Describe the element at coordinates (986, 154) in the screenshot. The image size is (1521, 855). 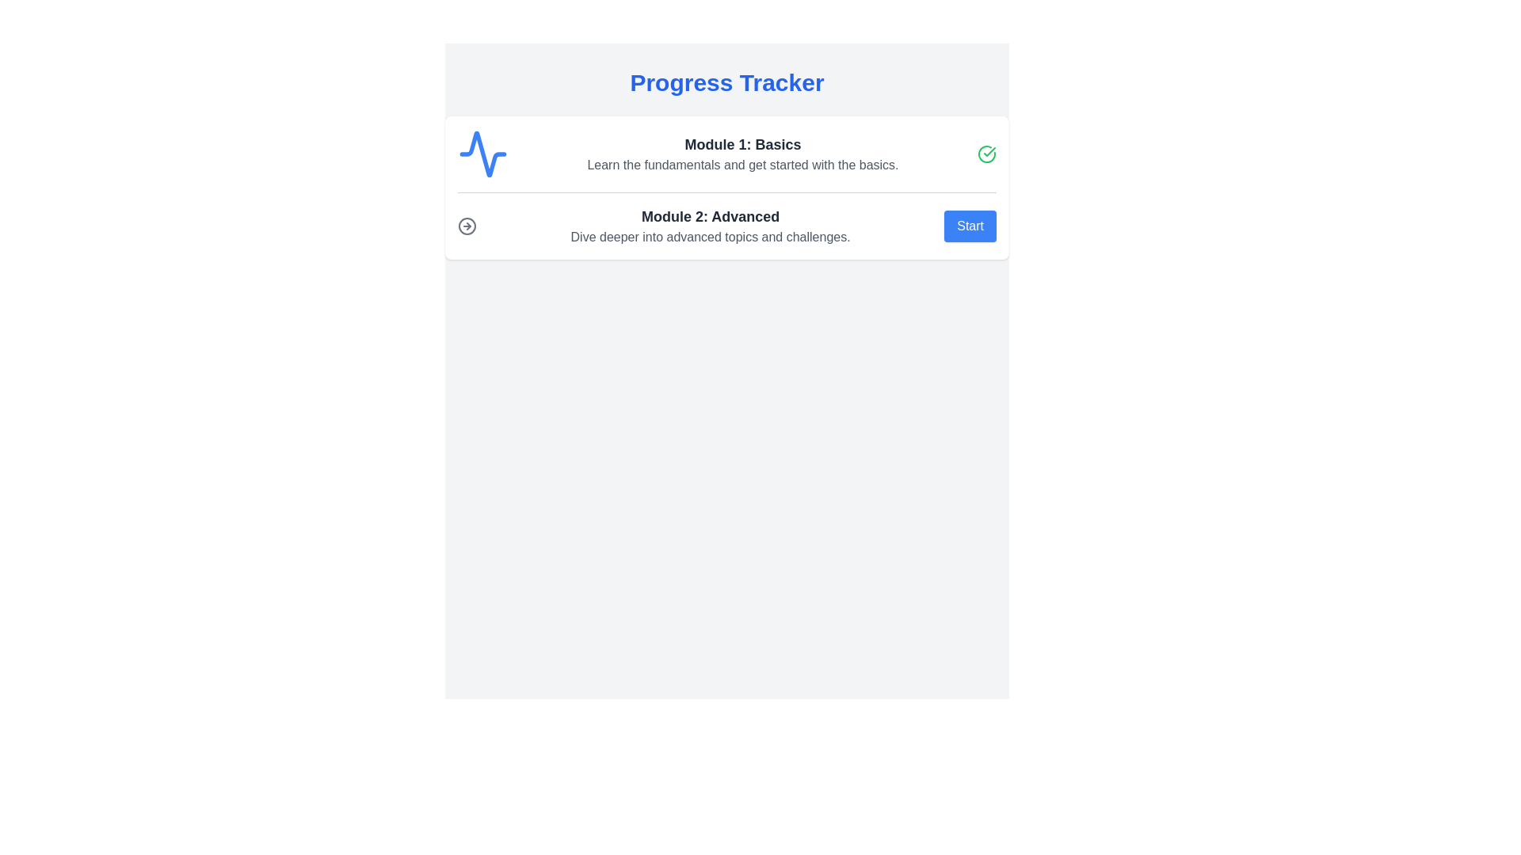
I see `the green checkmark icon within a circular border, located to the far-right of the 'Module 1: Basics' row in the Progress Tracker layout` at that location.